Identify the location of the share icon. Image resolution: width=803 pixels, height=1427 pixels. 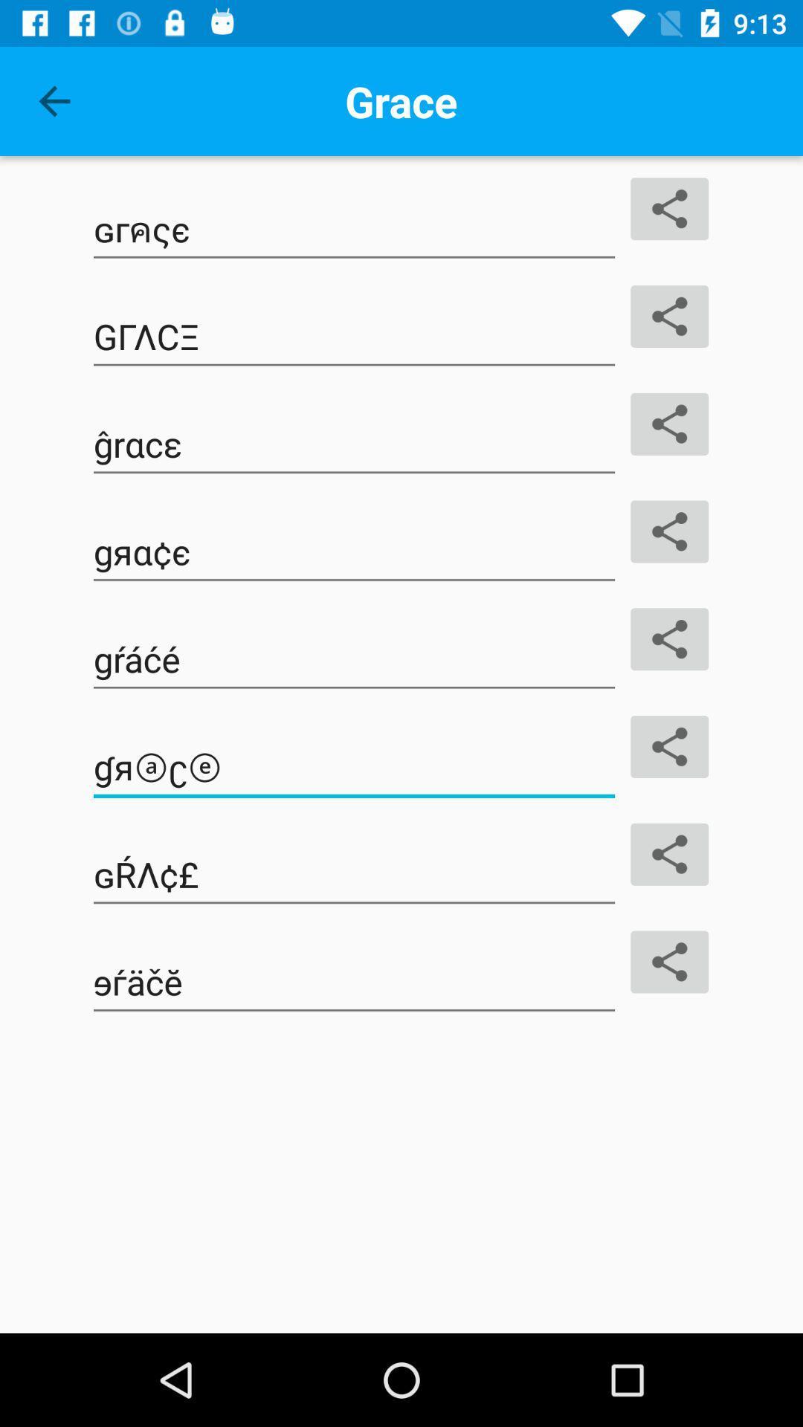
(669, 316).